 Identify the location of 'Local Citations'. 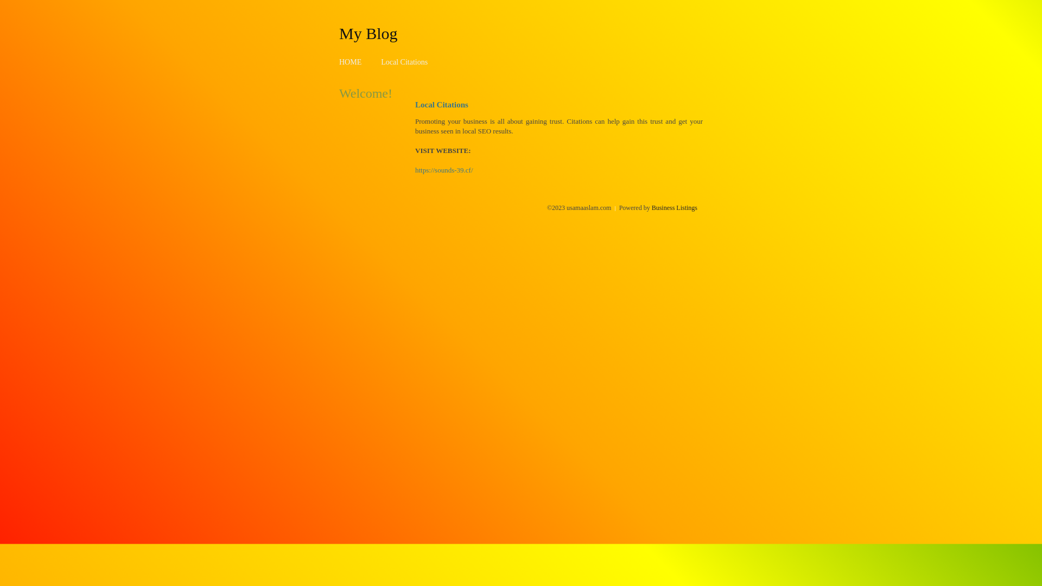
(403, 62).